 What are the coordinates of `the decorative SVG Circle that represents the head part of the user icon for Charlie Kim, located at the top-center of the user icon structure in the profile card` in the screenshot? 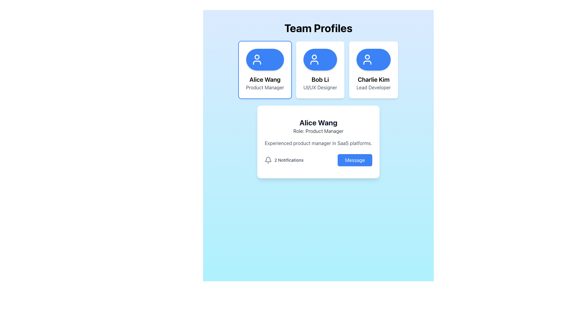 It's located at (367, 57).